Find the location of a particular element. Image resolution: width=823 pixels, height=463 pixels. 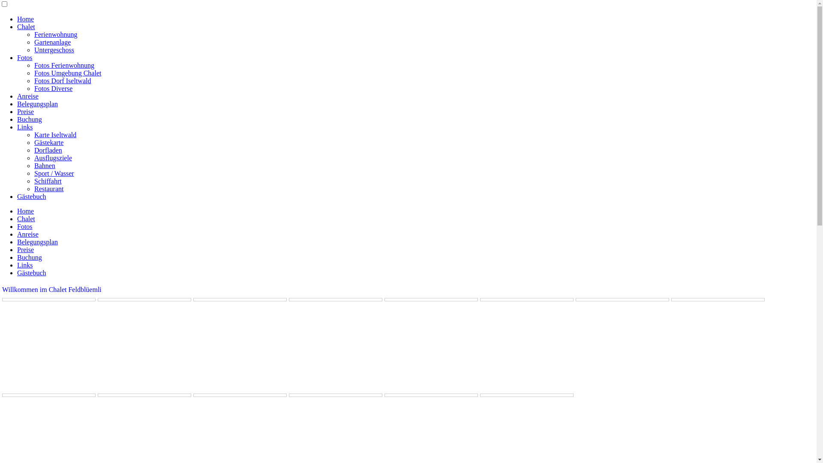

'Dorfladen' is located at coordinates (48, 150).